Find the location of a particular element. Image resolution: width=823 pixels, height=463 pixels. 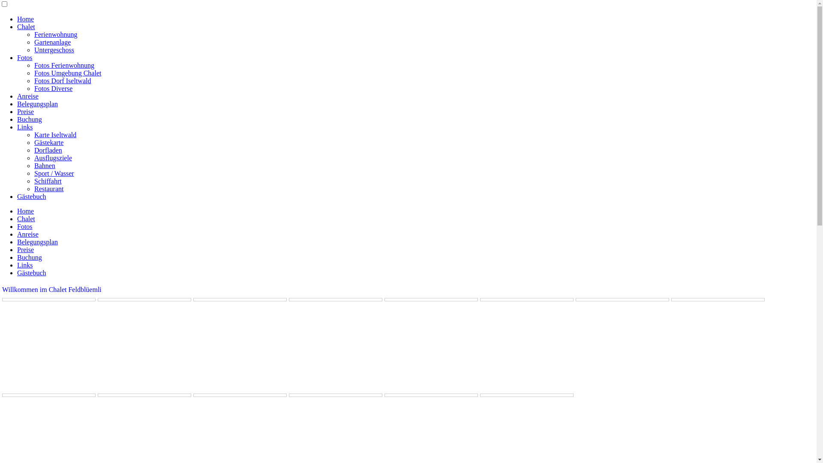

'Dorfladen' is located at coordinates (48, 150).